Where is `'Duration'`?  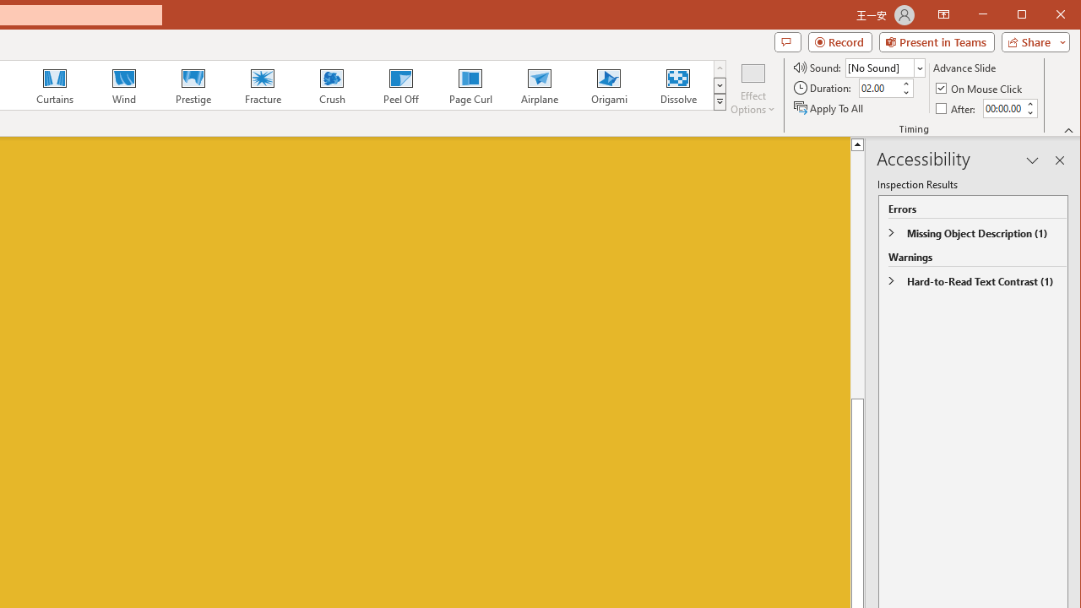
'Duration' is located at coordinates (878, 88).